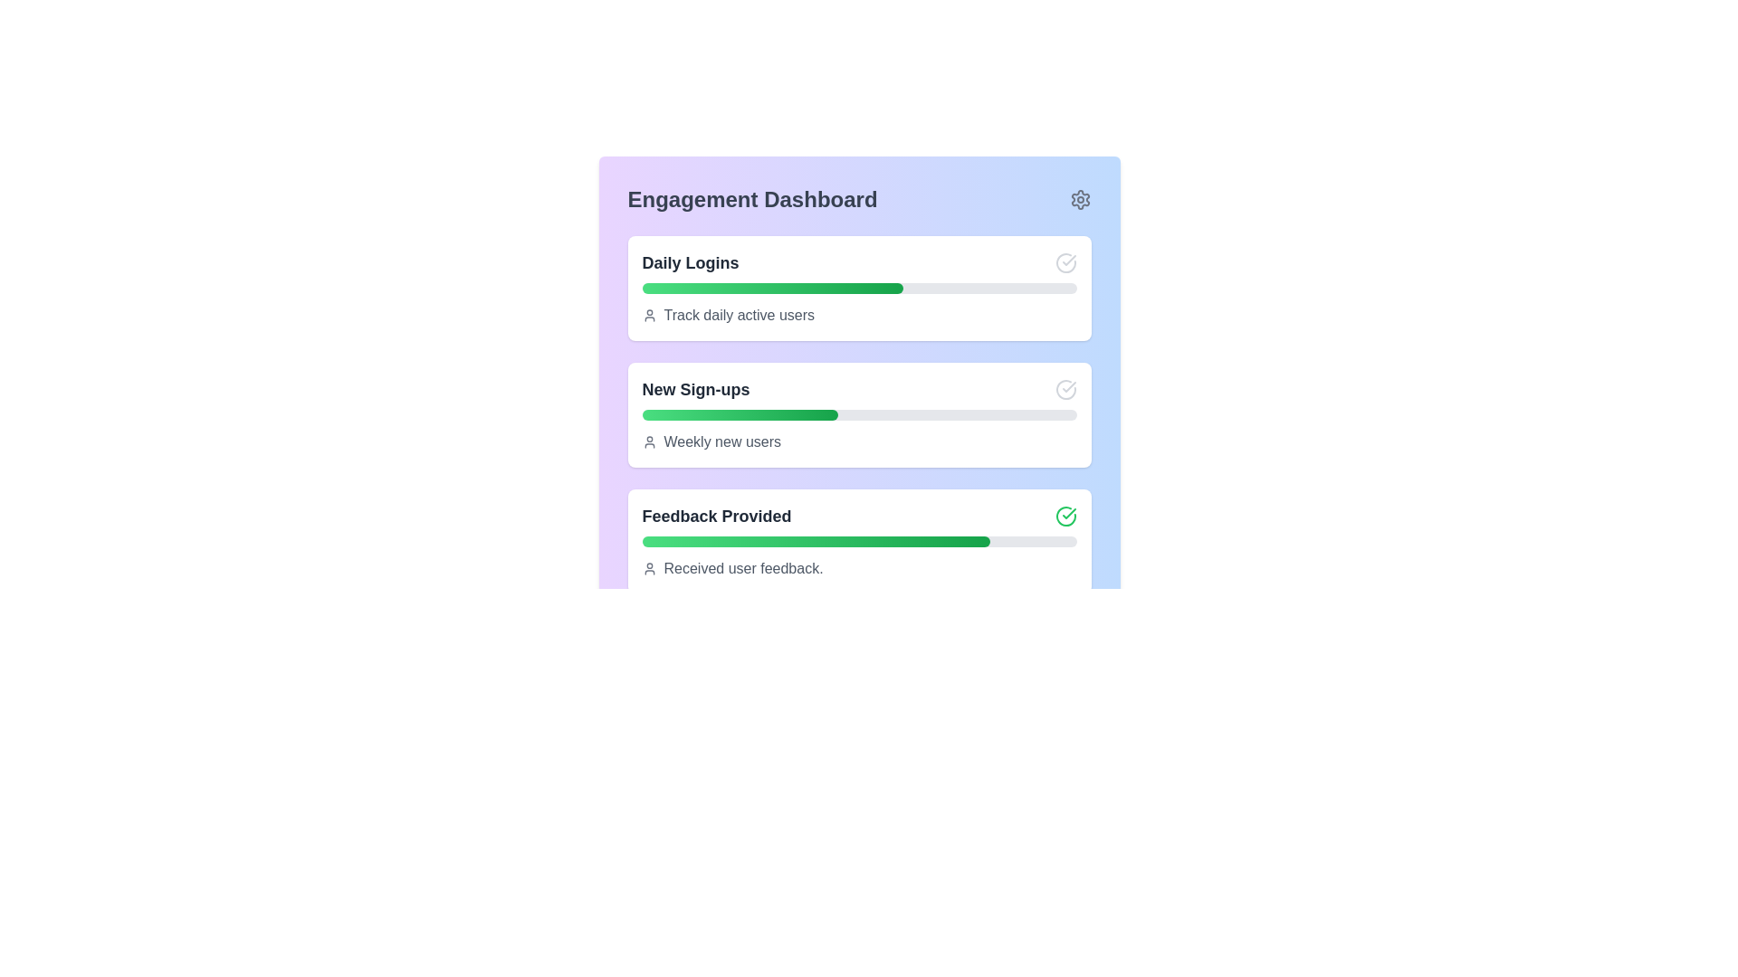 The width and height of the screenshot is (1738, 977). Describe the element at coordinates (1068, 386) in the screenshot. I see `the checkmark icon enclosed within a circle in the 'Daily Logins' section of the Engagement Dashboard` at that location.